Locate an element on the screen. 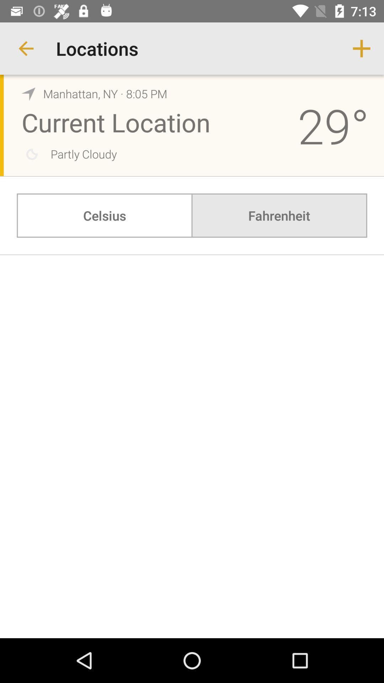 This screenshot has height=683, width=384. app next to the locations item is located at coordinates (26, 48).